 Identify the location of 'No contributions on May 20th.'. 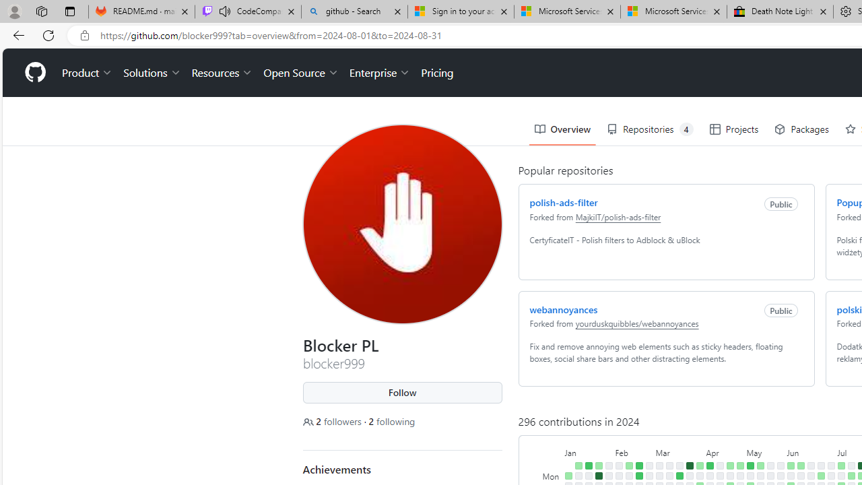
(770, 475).